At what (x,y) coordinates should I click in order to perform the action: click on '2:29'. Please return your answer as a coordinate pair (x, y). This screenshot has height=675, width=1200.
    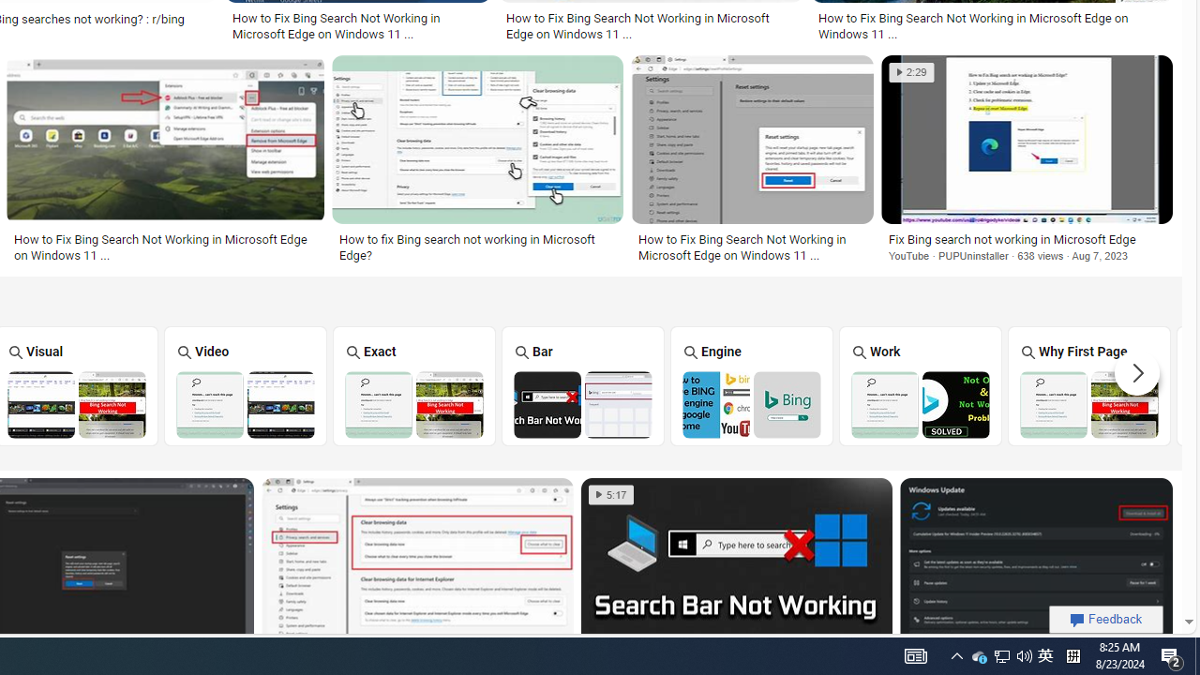
    Looking at the image, I should click on (911, 71).